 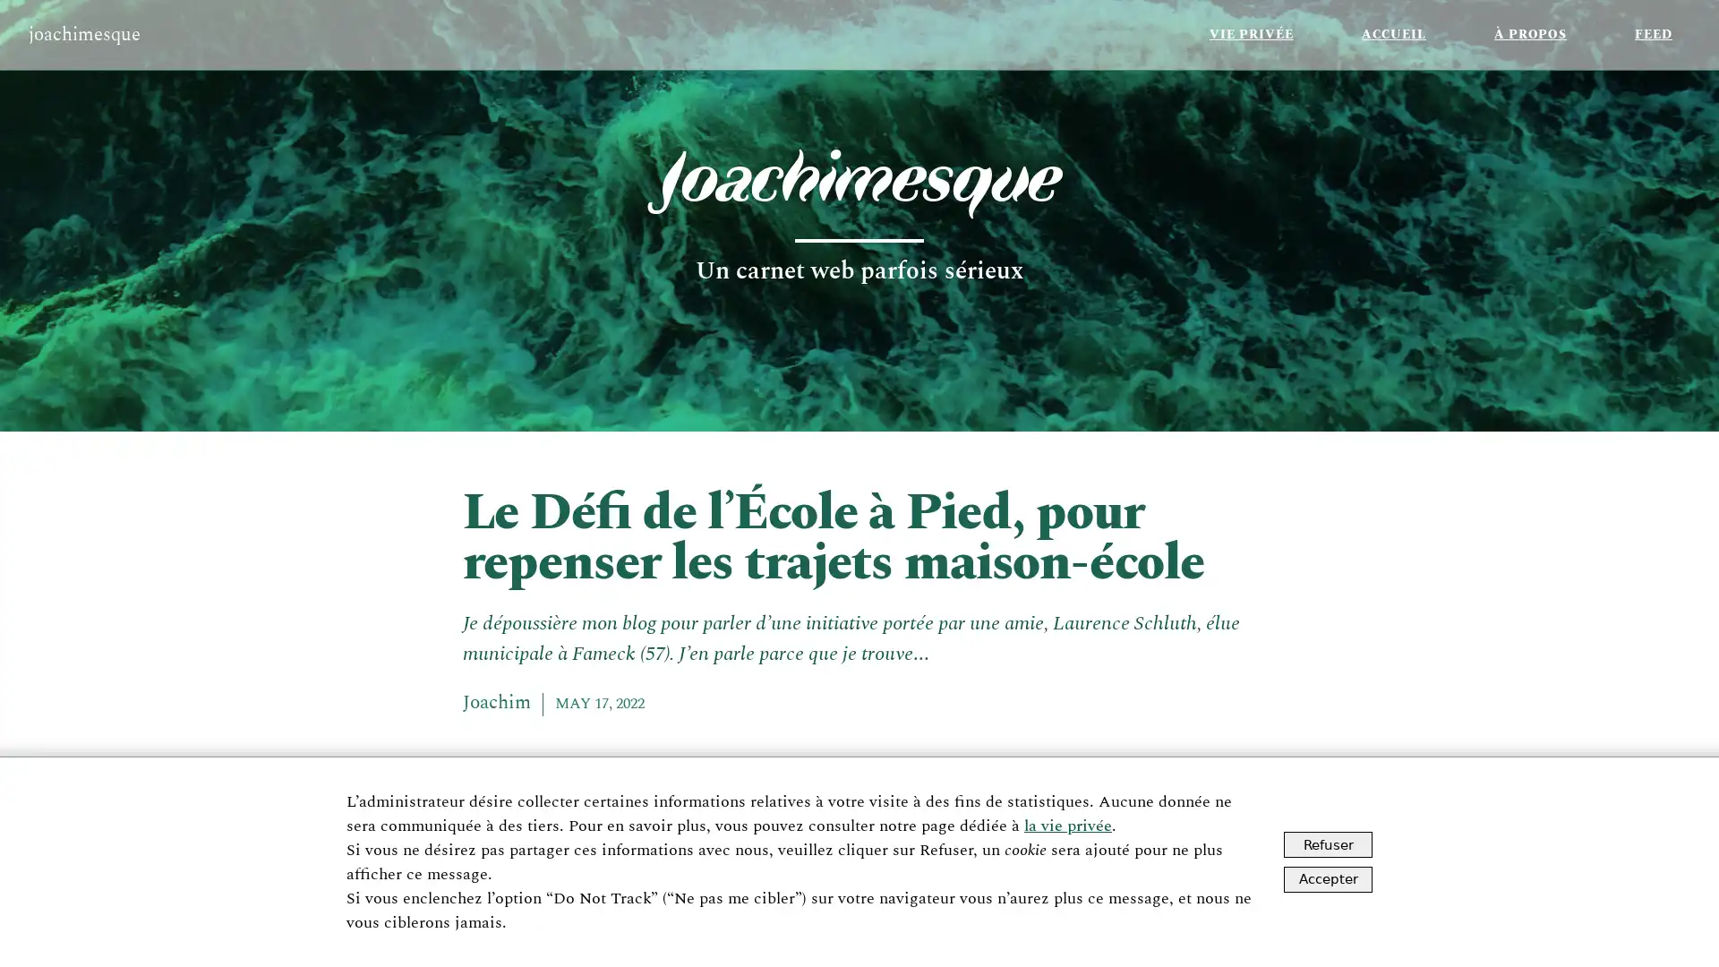 I want to click on Accepter, so click(x=1328, y=877).